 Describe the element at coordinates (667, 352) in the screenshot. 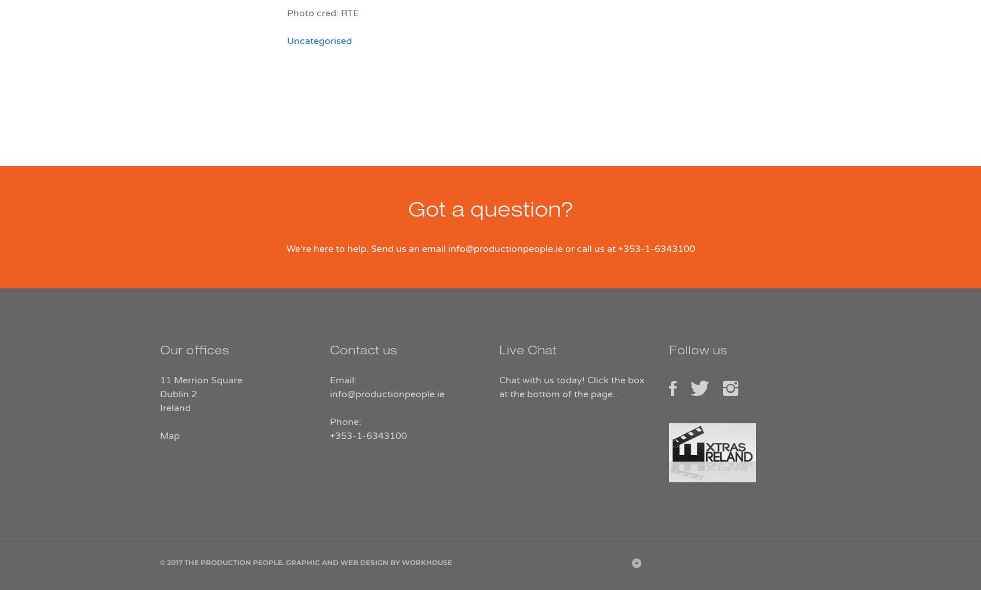

I see `'Follow us'` at that location.